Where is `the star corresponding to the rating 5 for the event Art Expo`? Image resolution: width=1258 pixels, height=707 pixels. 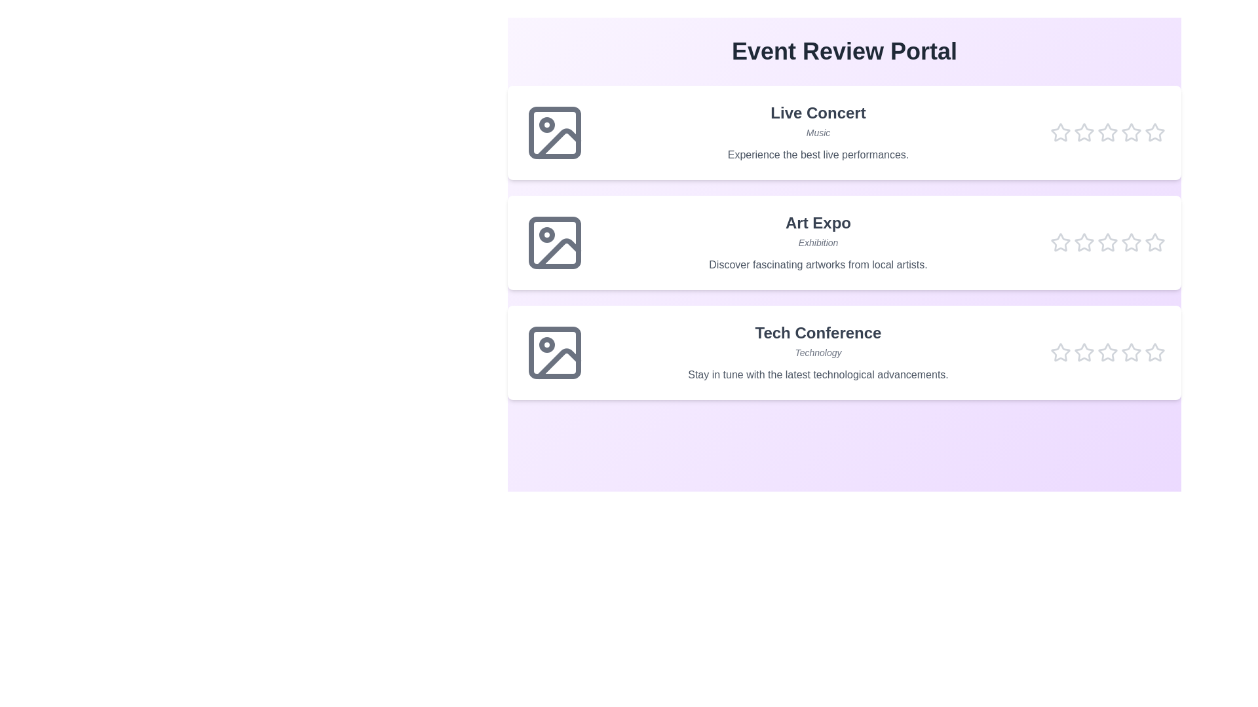
the star corresponding to the rating 5 for the event Art Expo is located at coordinates (1154, 242).